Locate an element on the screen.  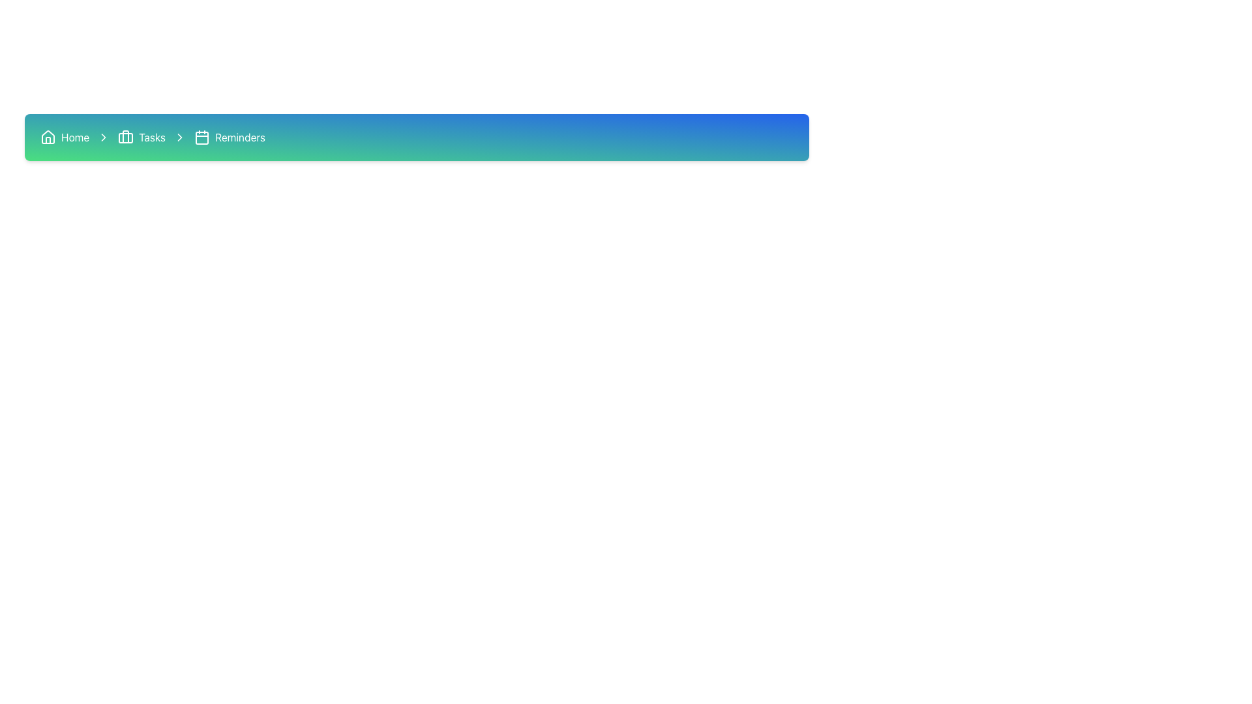
the 'Tasks' Breadcrumb navigation item, which displays a briefcase icon and is styled with a green to blue gradient background is located at coordinates (142, 138).